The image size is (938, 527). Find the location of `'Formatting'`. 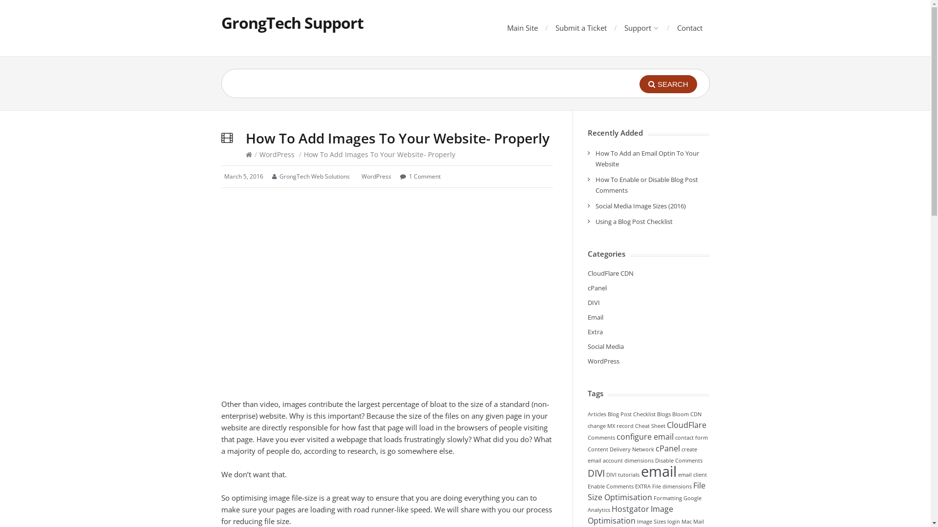

'Formatting' is located at coordinates (667, 498).